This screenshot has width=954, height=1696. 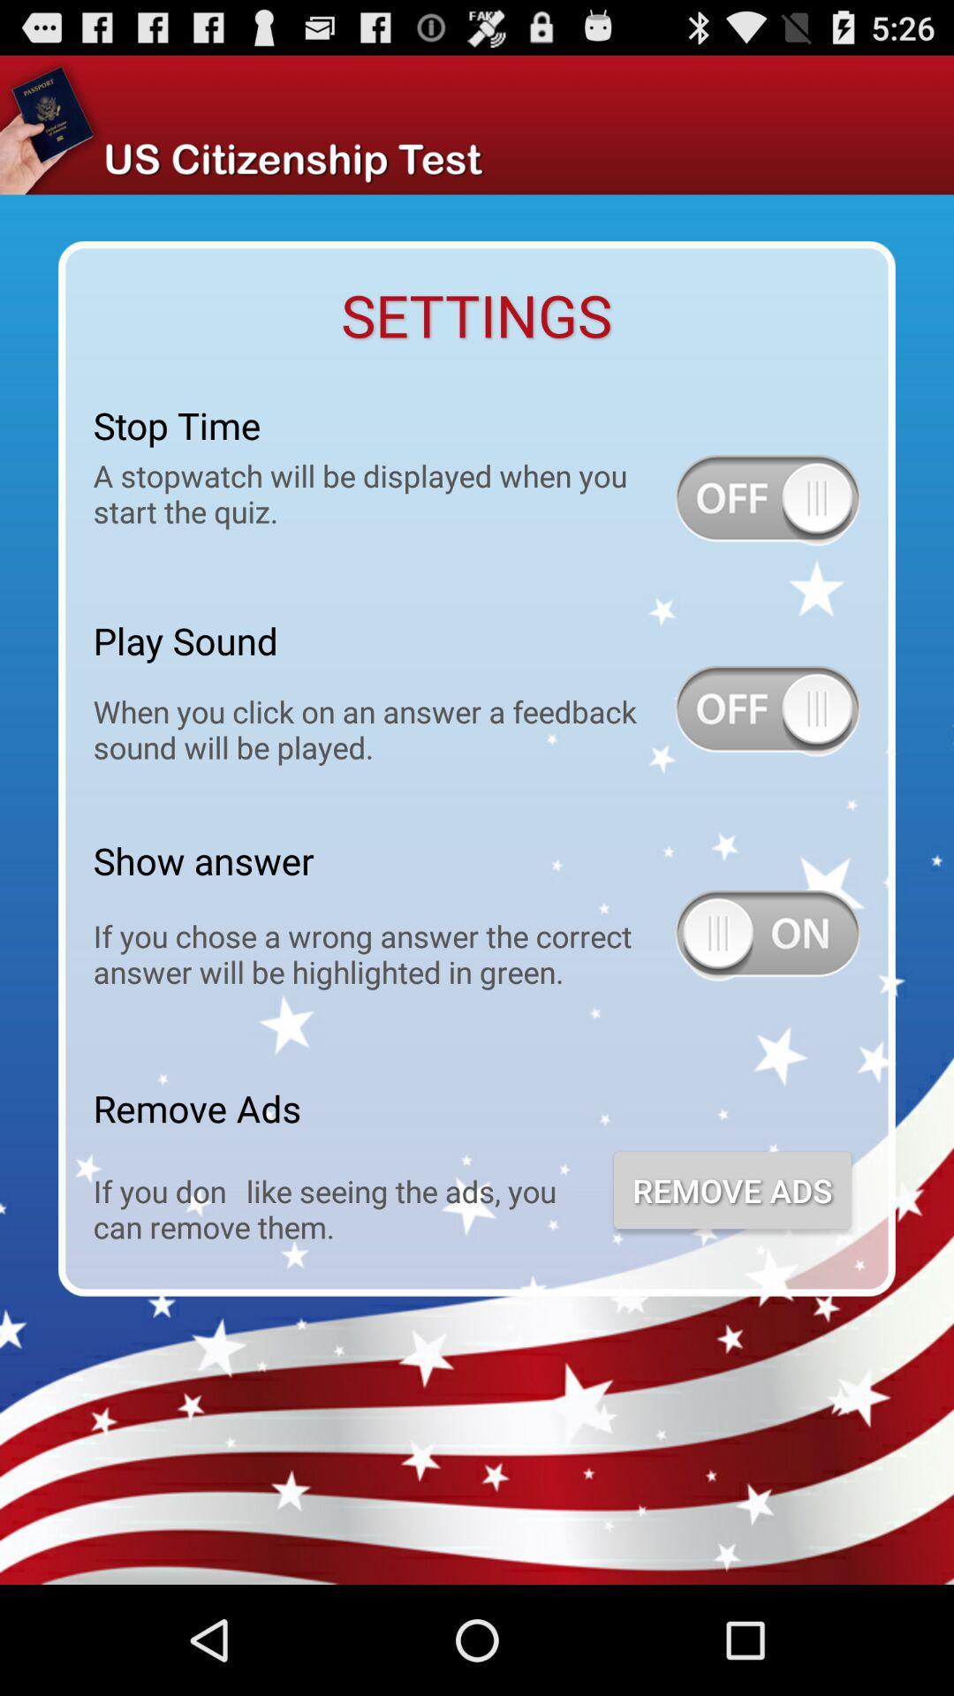 I want to click on stopwatch display, so click(x=767, y=499).